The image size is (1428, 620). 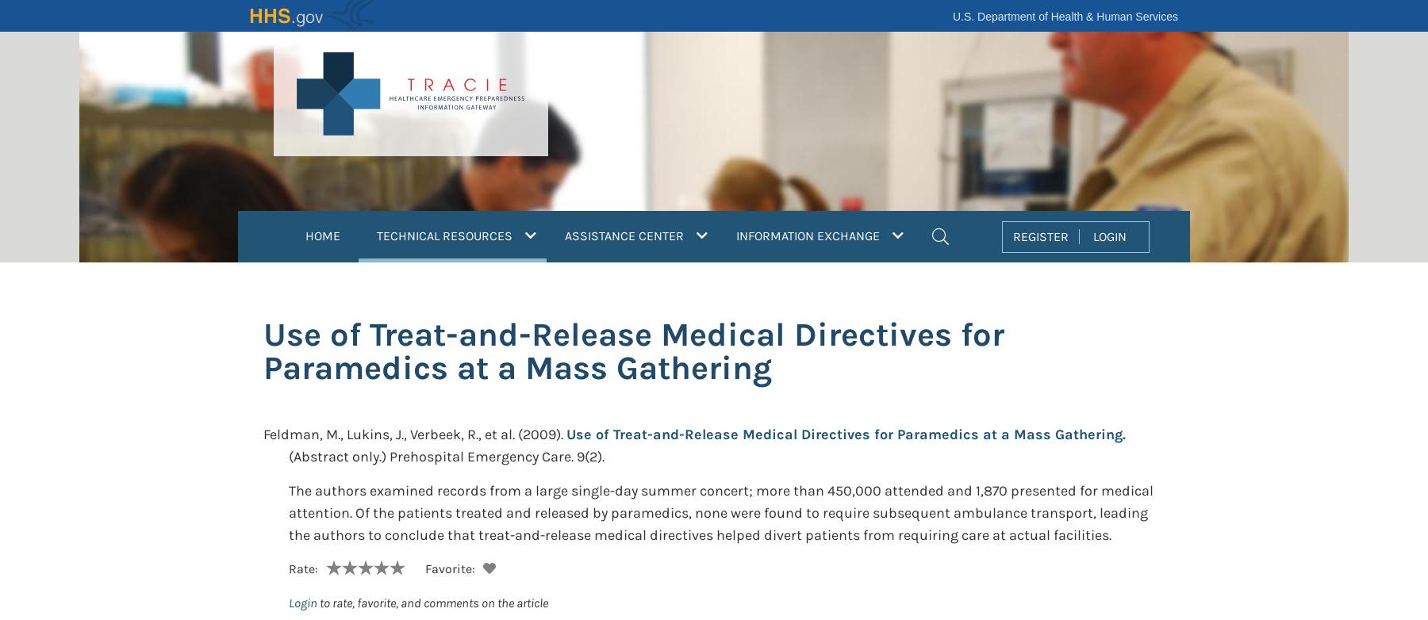 I want to click on 'to rate, favorite, and comments
            on the article', so click(x=432, y=602).